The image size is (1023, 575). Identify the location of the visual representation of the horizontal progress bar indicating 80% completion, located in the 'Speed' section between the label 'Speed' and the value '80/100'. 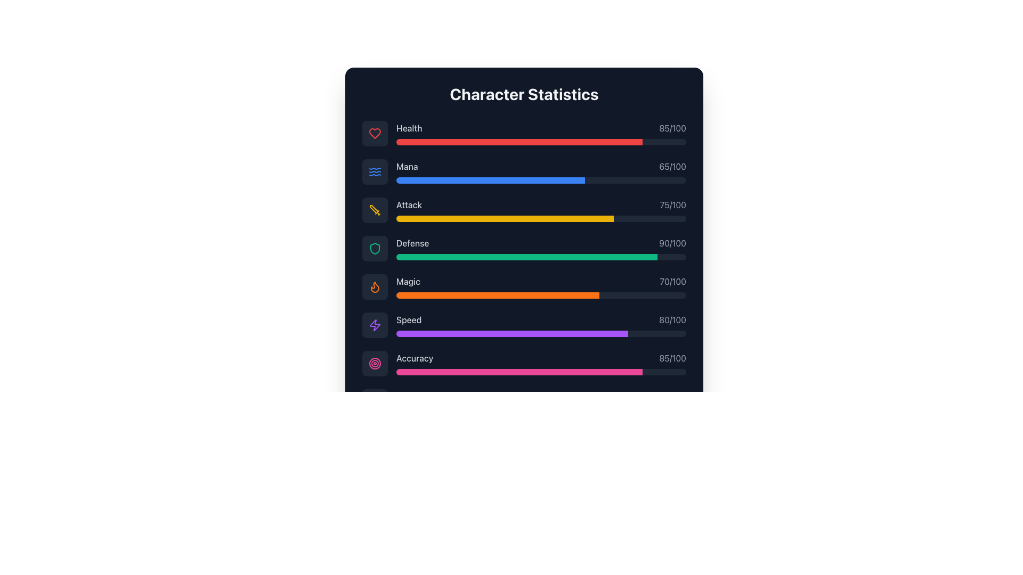
(541, 333).